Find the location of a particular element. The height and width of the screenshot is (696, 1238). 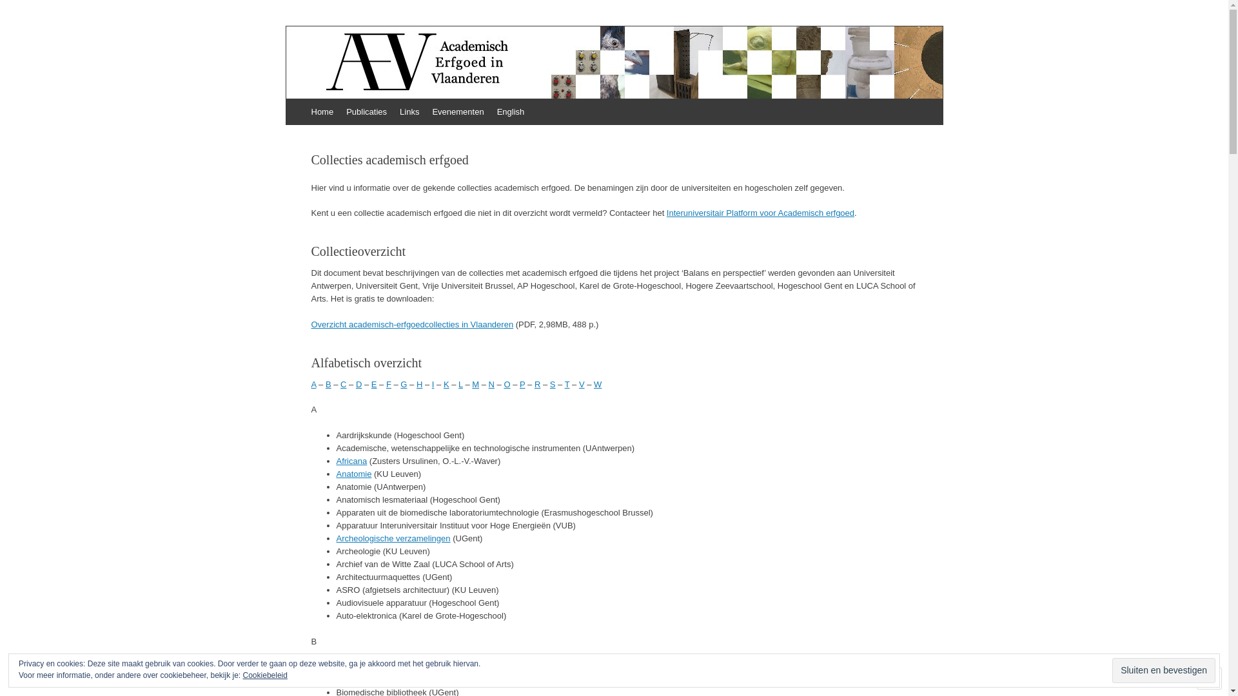

'C' is located at coordinates (343, 383).